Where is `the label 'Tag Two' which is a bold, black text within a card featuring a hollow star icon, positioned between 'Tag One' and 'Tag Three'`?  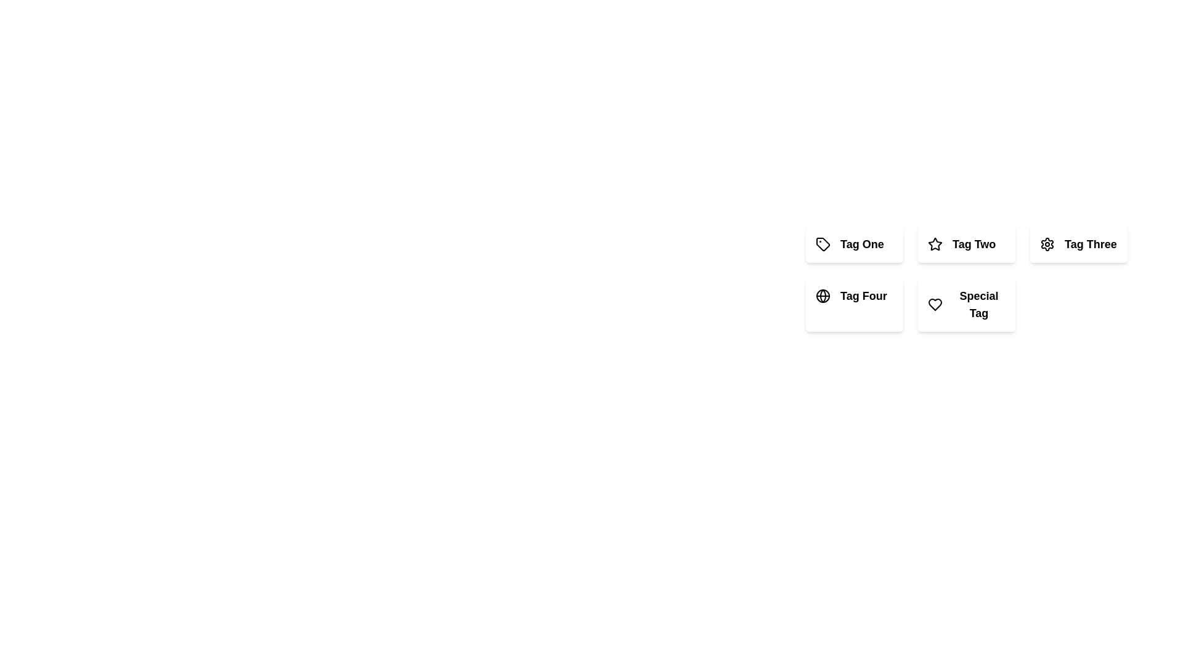
the label 'Tag Two' which is a bold, black text within a card featuring a hollow star icon, positioned between 'Tag One' and 'Tag Three' is located at coordinates (966, 244).